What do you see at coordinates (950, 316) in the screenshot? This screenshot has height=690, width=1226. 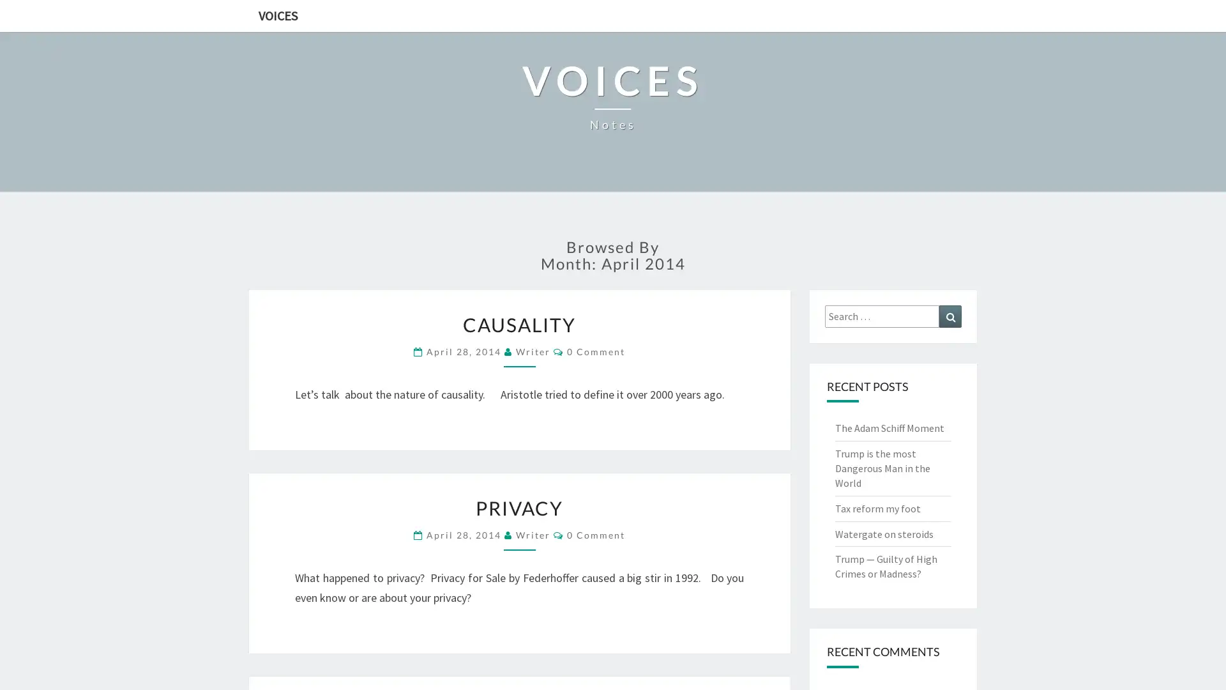 I see `Search` at bounding box center [950, 316].